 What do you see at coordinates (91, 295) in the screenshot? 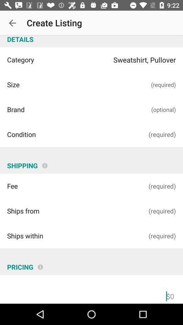
I see `total price` at bounding box center [91, 295].